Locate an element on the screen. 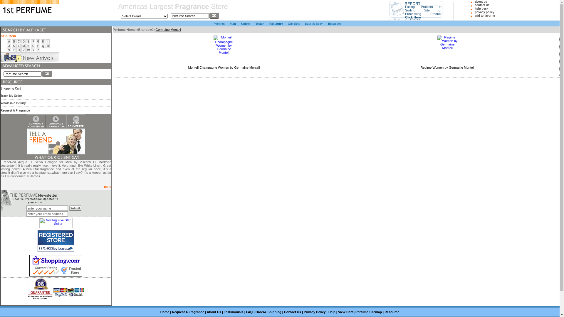 The height and width of the screenshot is (317, 564). 'G' is located at coordinates (38, 41).